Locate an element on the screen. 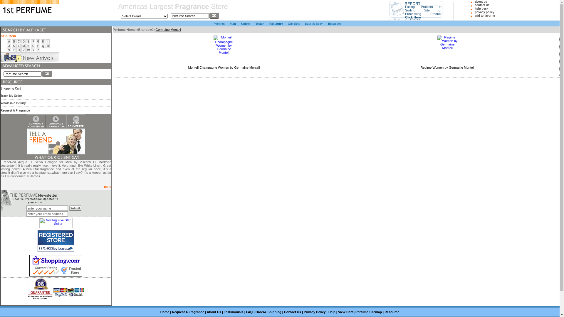 The height and width of the screenshot is (317, 564). 'G' is located at coordinates (38, 41).